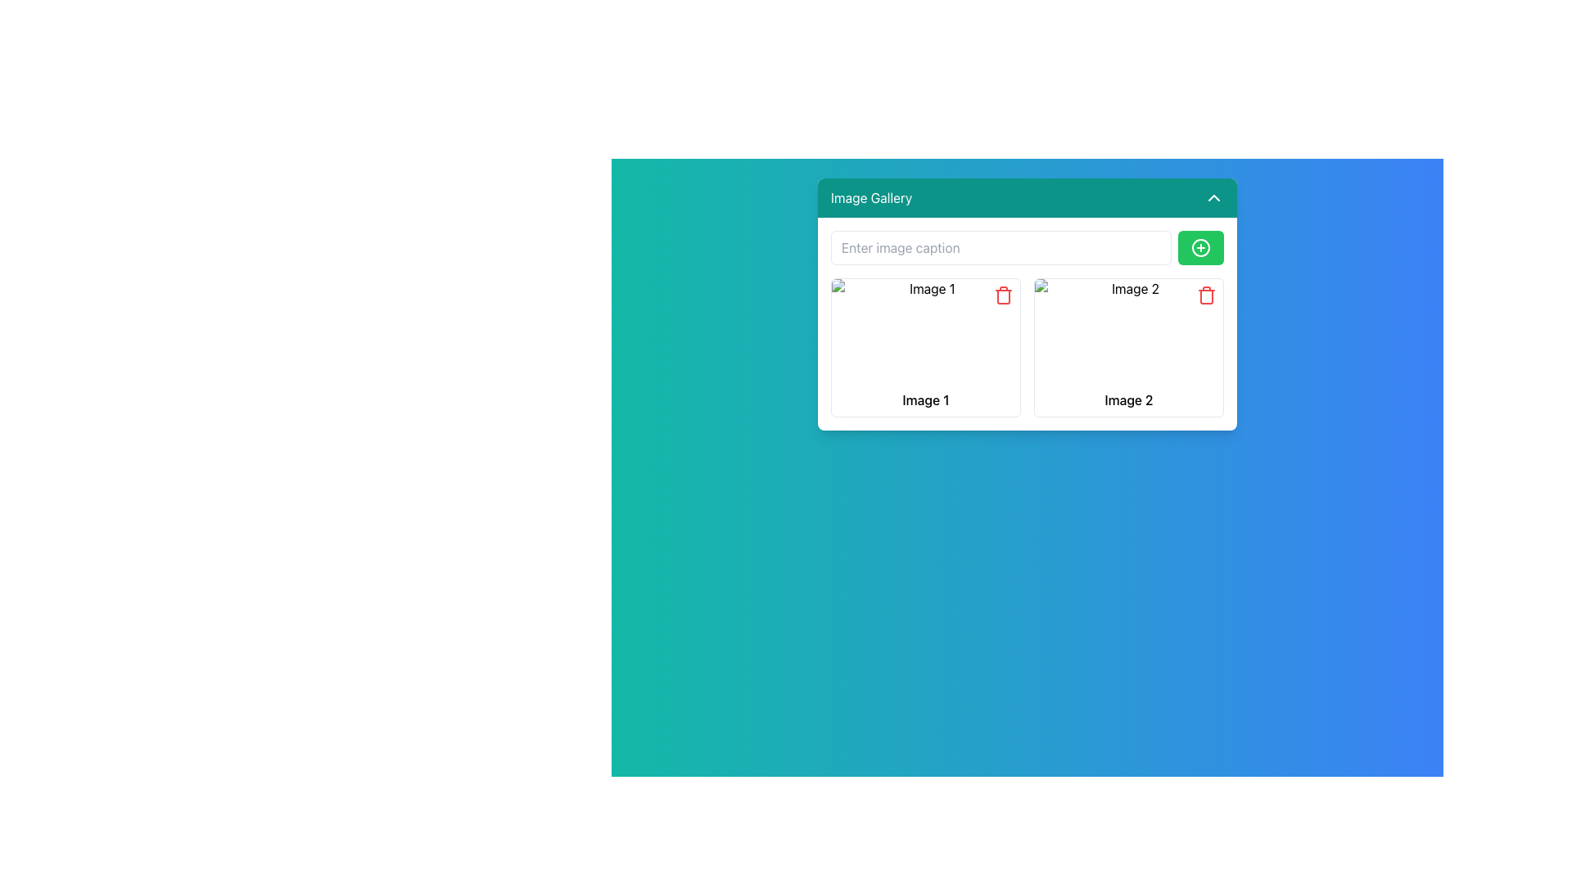  Describe the element at coordinates (1201, 248) in the screenshot. I see `the circular green button with a '+' symbol at the top-right corner of the 'Image Gallery' card` at that location.